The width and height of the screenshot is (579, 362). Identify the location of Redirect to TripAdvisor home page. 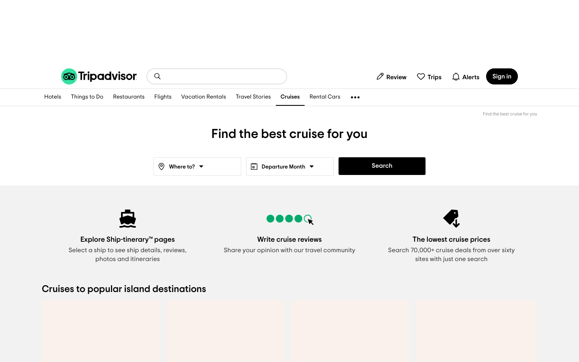
(98, 76).